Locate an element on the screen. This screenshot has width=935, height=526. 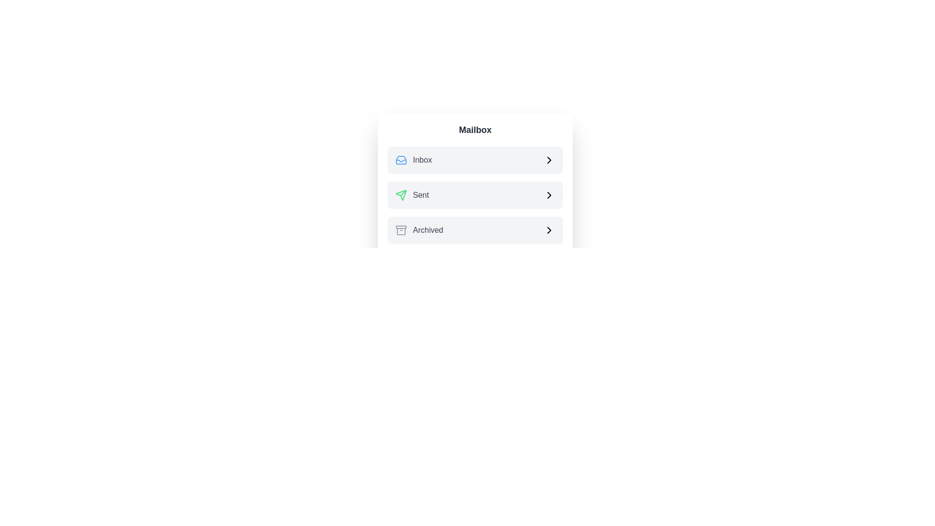
the 'Archived' navigation item, which is the third item in the list under the 'Mailbox' section is located at coordinates (475, 230).